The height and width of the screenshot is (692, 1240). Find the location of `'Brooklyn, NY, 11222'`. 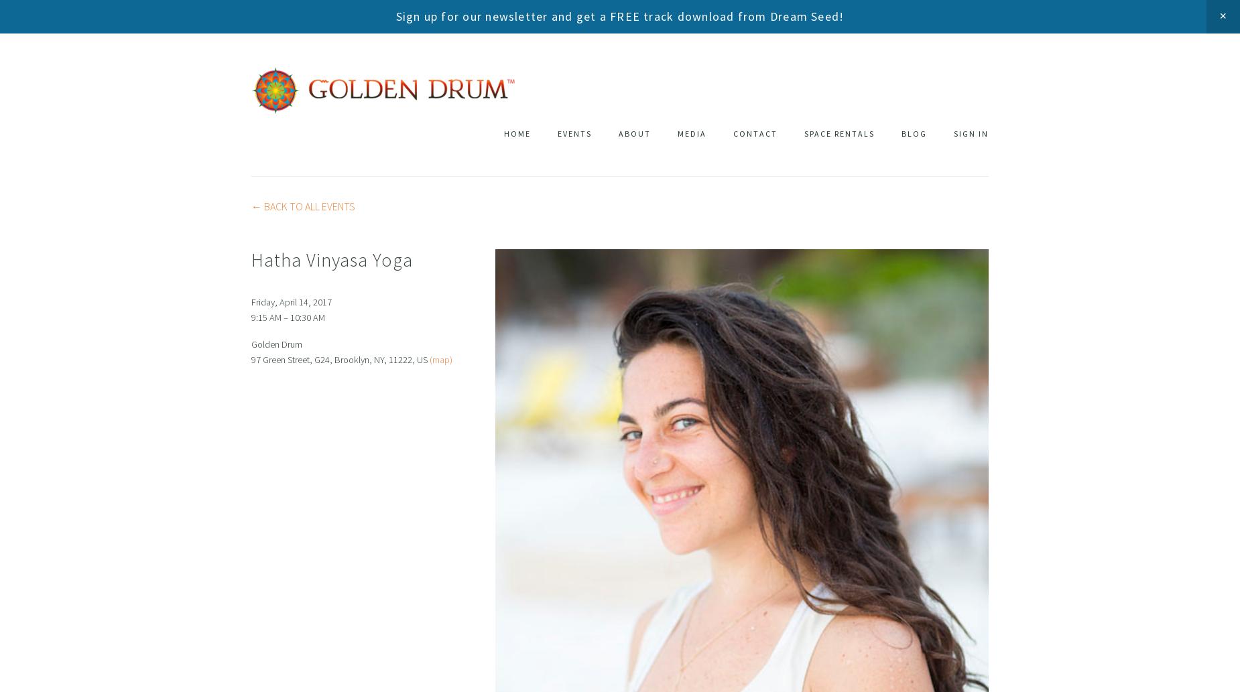

'Brooklyn, NY, 11222' is located at coordinates (373, 358).